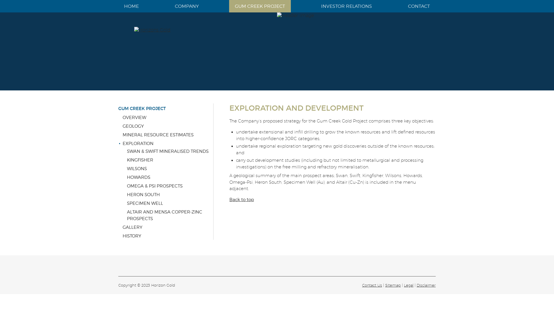 The height and width of the screenshot is (312, 554). What do you see at coordinates (346, 6) in the screenshot?
I see `'INVESTOR RELATIONS'` at bounding box center [346, 6].